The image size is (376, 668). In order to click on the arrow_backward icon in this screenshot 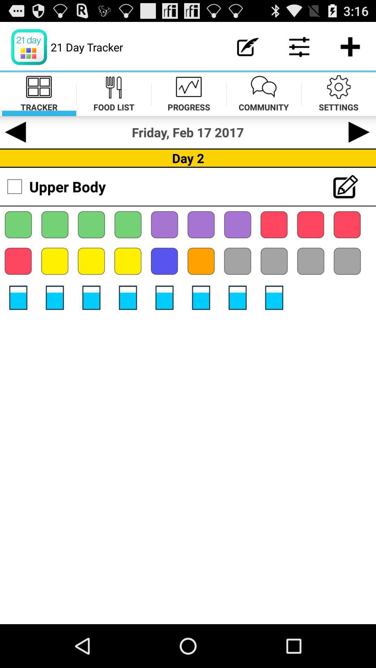, I will do `click(16, 141)`.